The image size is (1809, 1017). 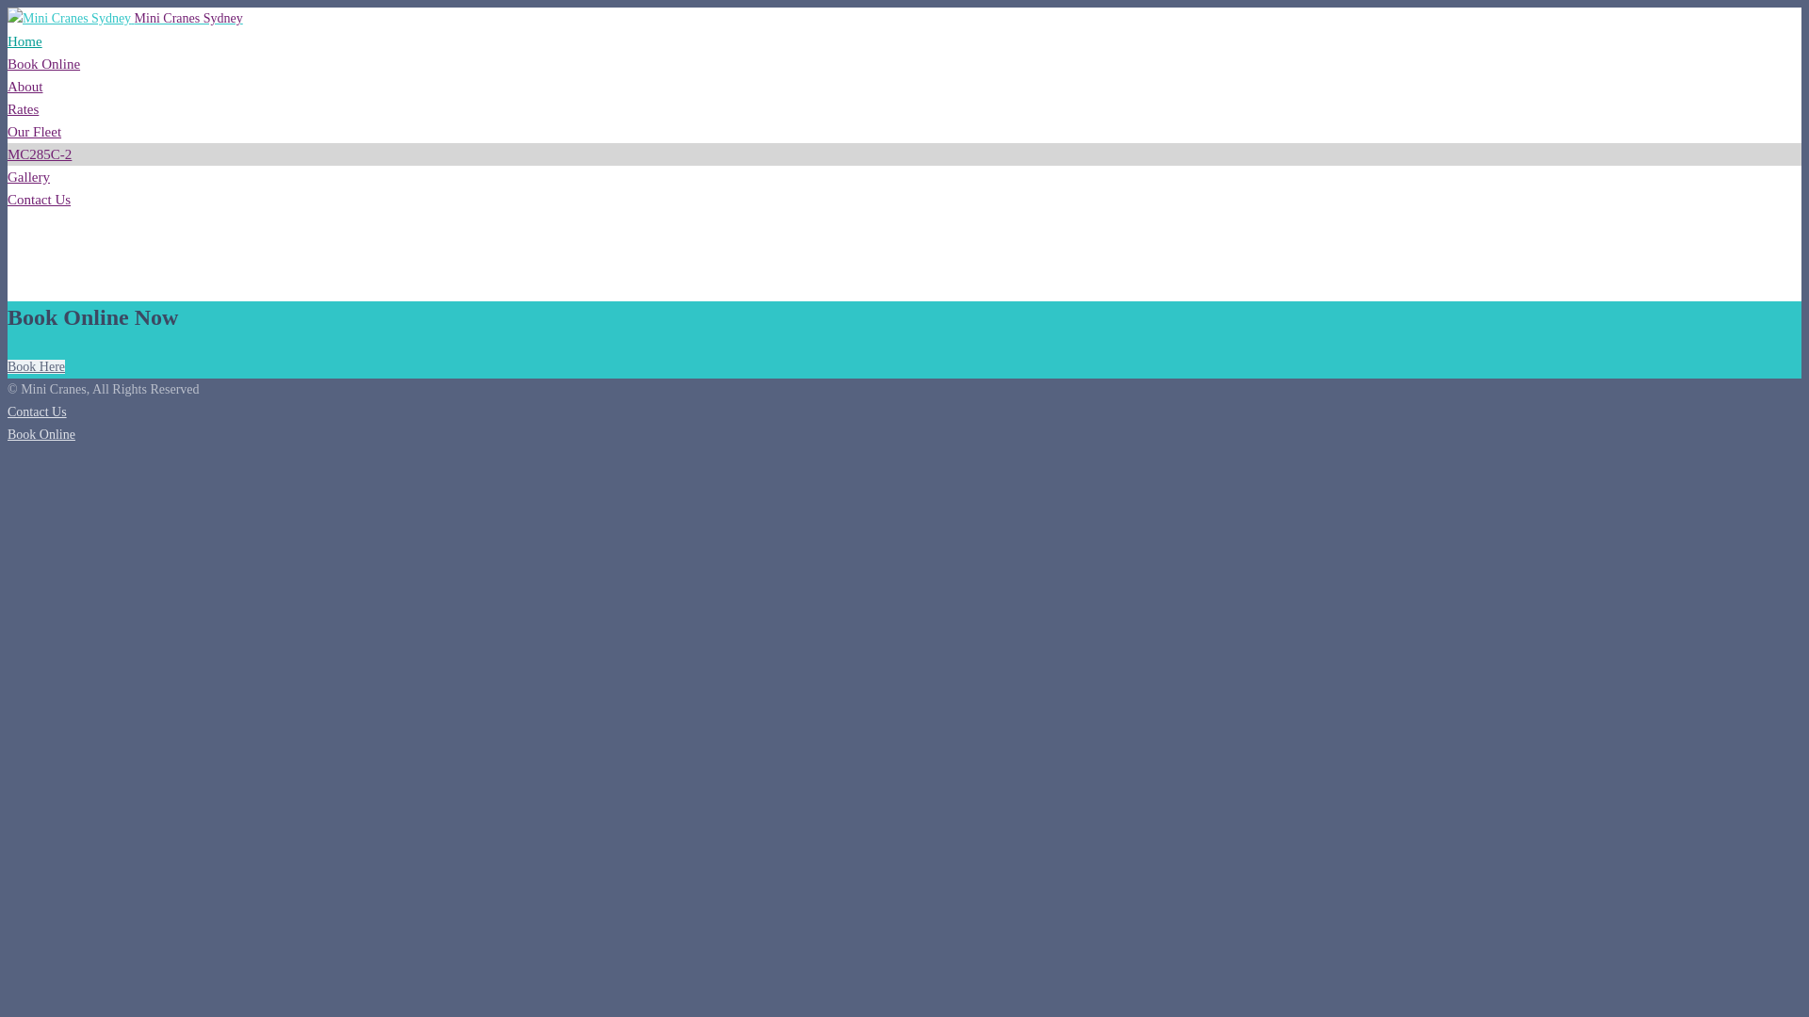 I want to click on 'Mini Cranes Sydney', so click(x=124, y=18).